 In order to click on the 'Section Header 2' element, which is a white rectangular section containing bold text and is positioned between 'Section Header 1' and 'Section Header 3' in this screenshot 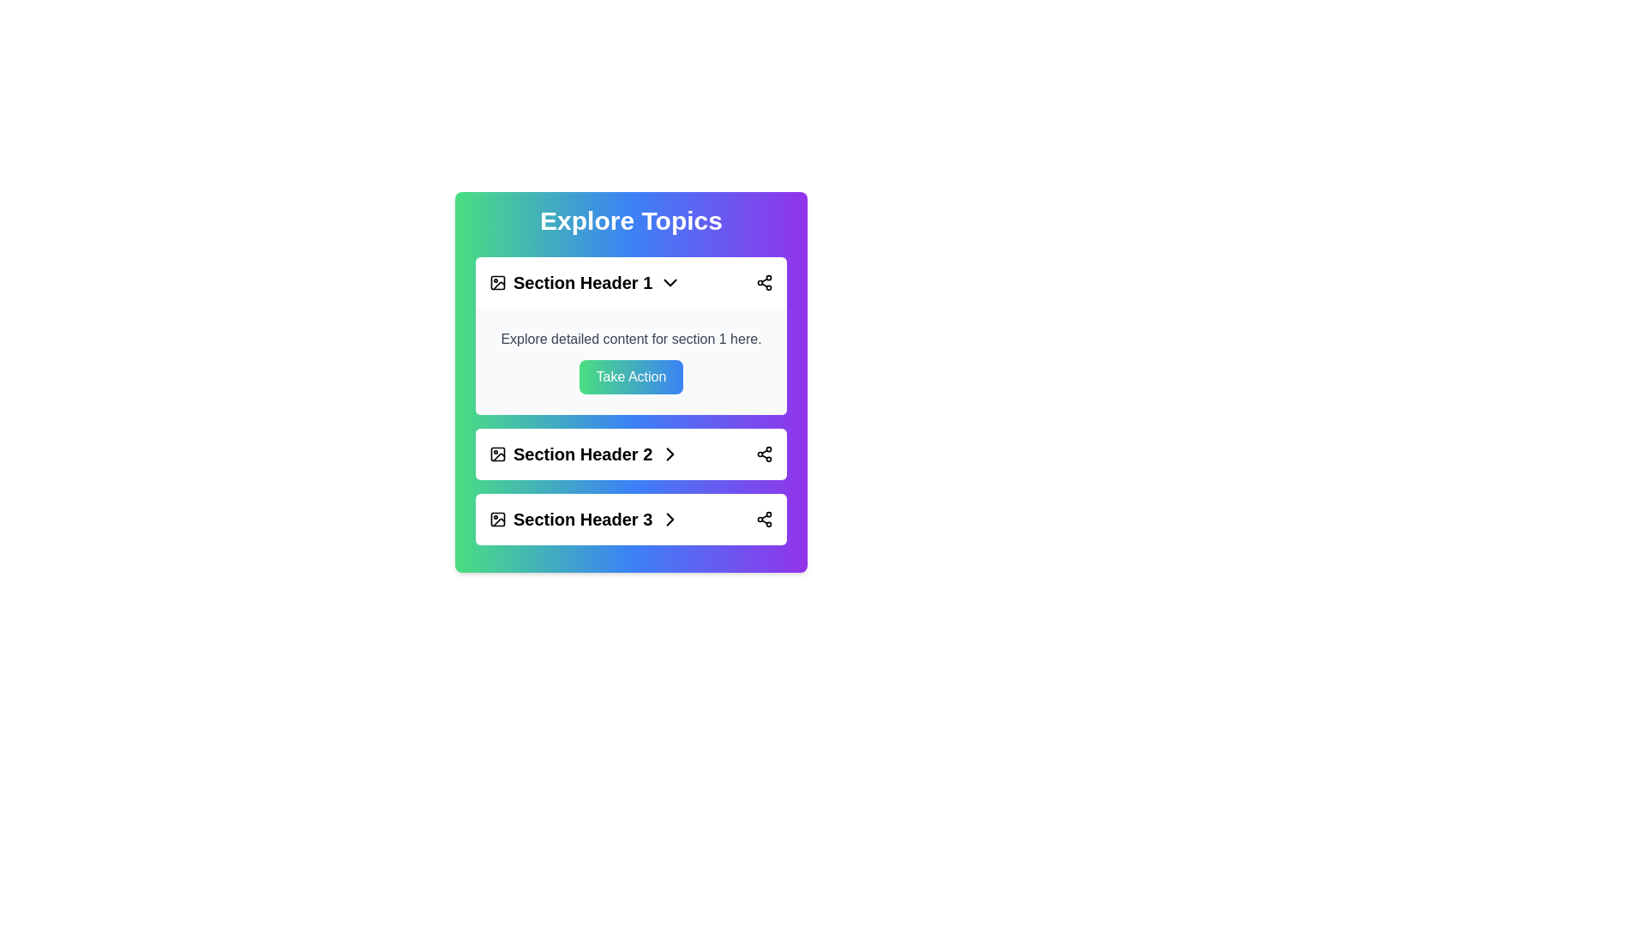, I will do `click(630, 453)`.